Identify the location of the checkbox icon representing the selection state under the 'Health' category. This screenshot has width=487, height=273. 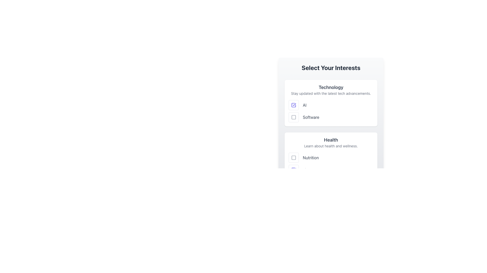
(293, 170).